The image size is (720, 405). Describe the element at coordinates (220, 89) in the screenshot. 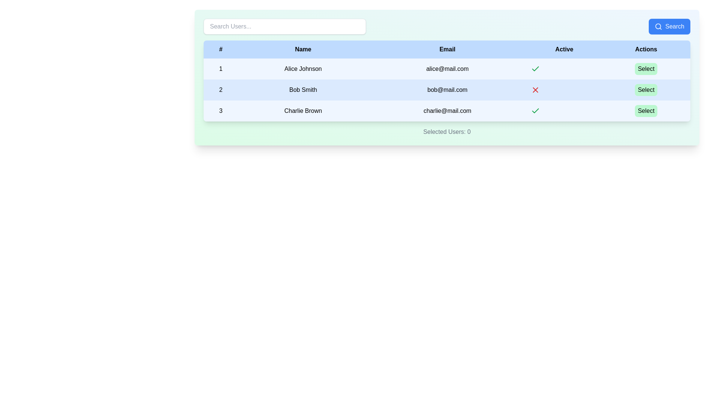

I see `the text element displaying the value '2' in the '# (Number)' column, which is aligned with the record for 'Bob Smith, bob@mail.com'` at that location.